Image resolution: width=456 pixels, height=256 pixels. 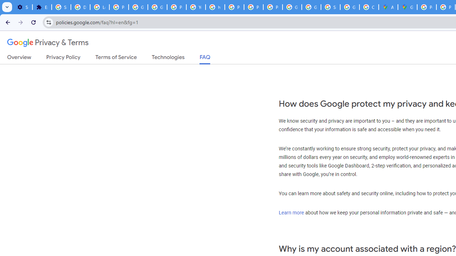 What do you see at coordinates (330, 7) in the screenshot?
I see `'Sign in - Google Accounts'` at bounding box center [330, 7].